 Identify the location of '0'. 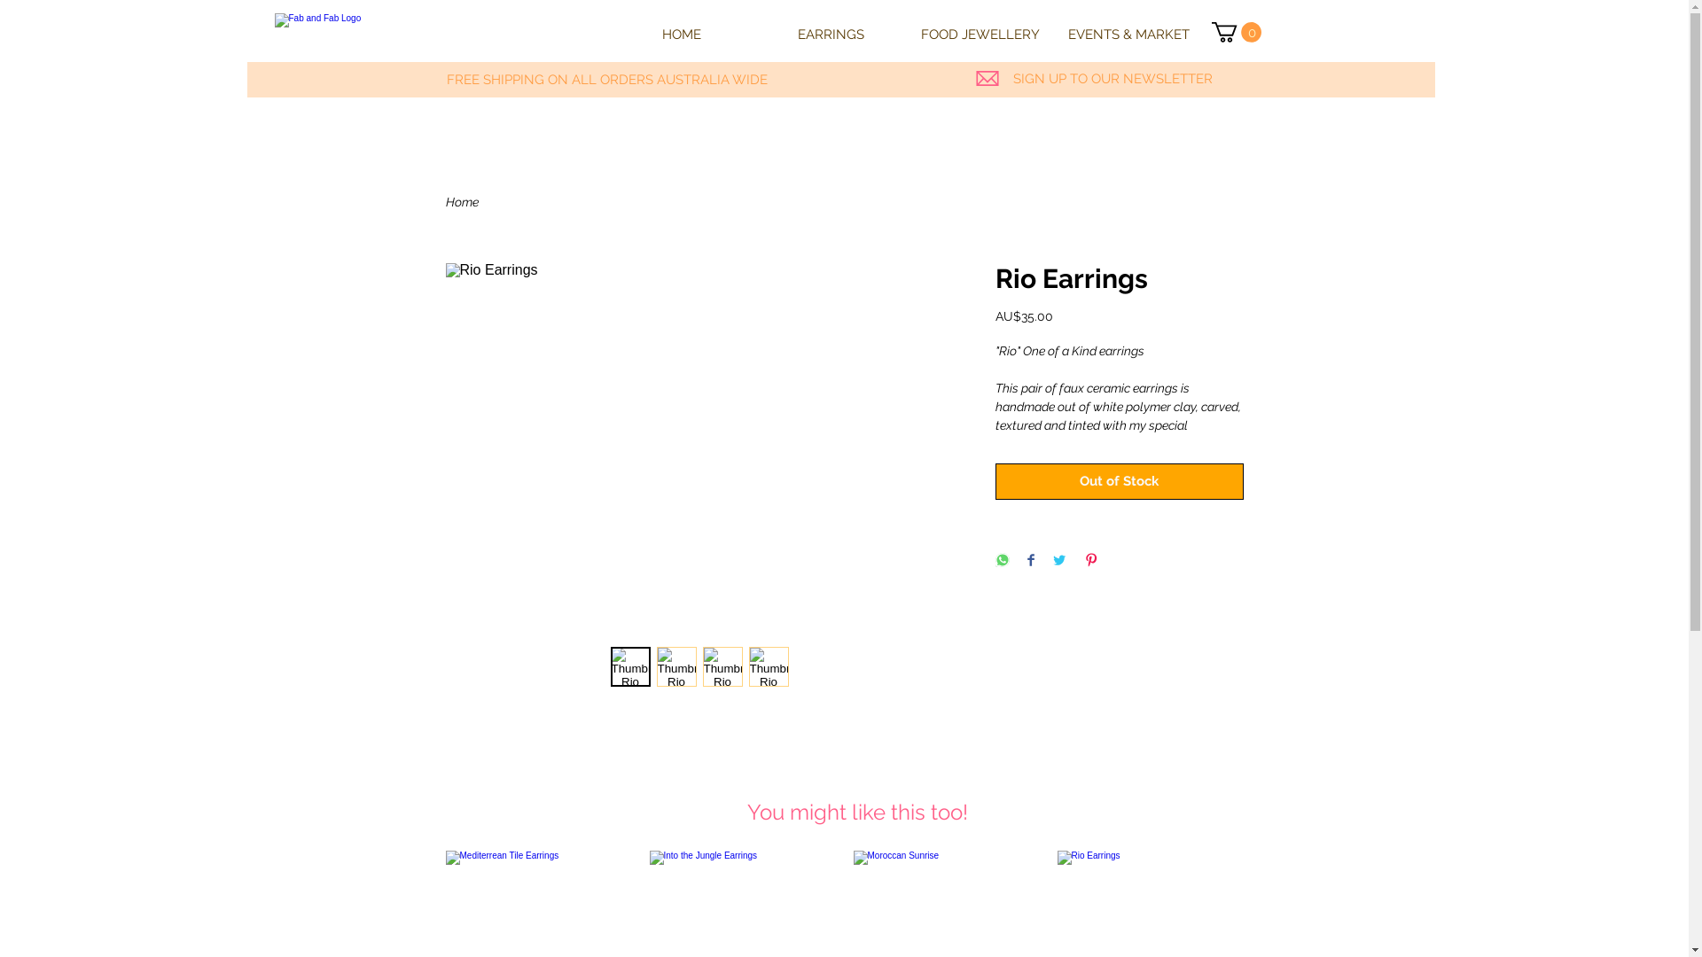
(1234, 32).